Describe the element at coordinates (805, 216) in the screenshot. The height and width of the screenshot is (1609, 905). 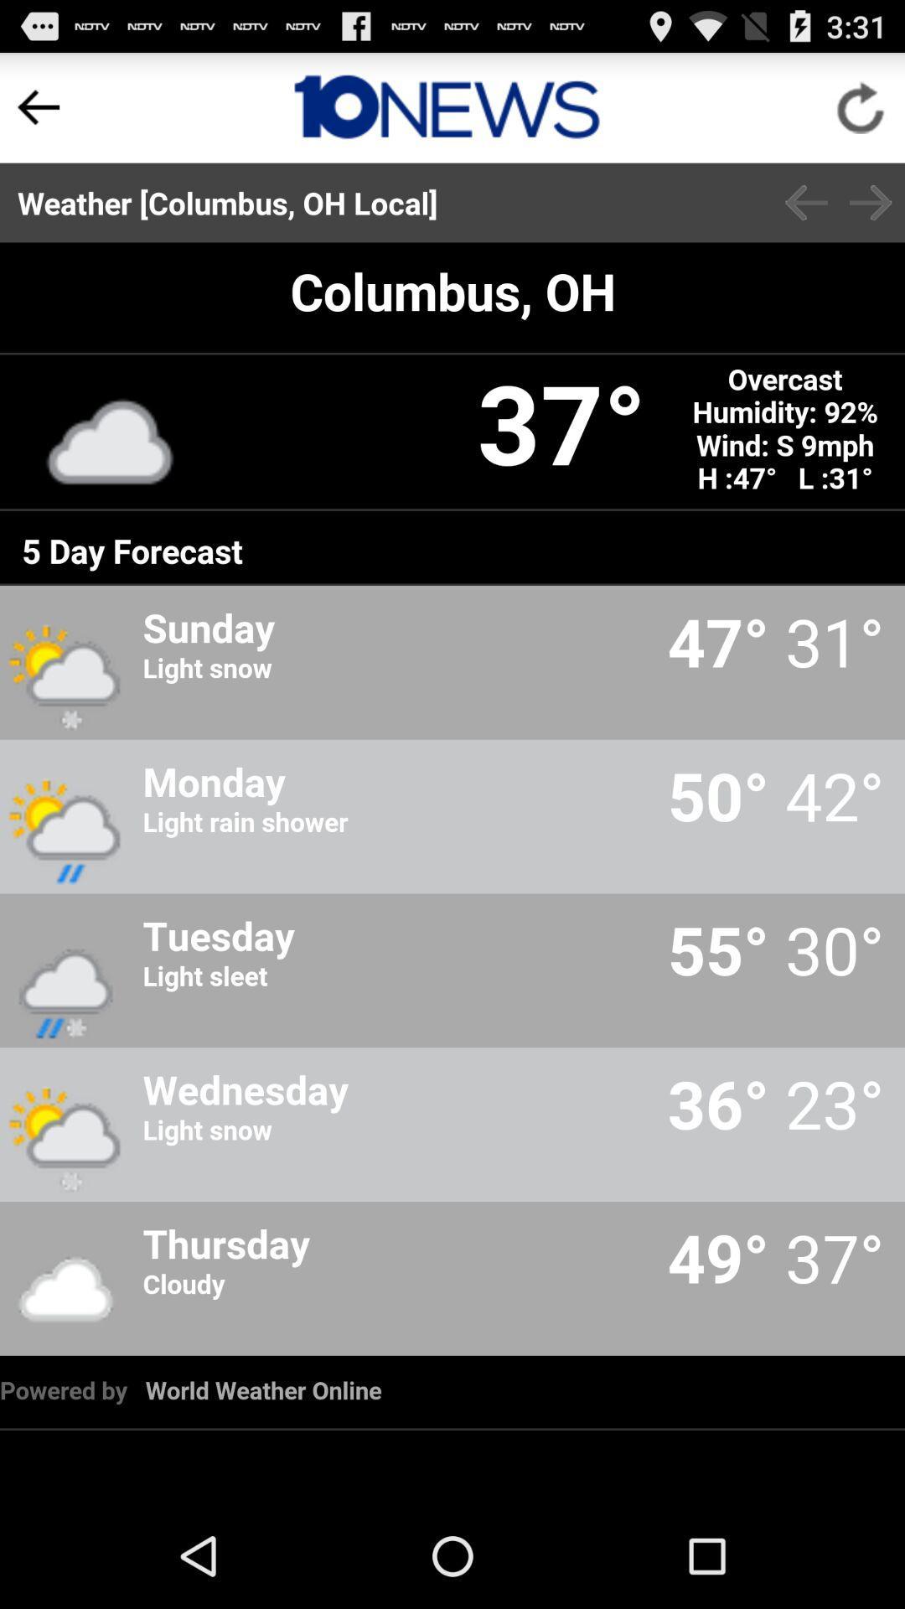
I see `the arrow_backward icon` at that location.